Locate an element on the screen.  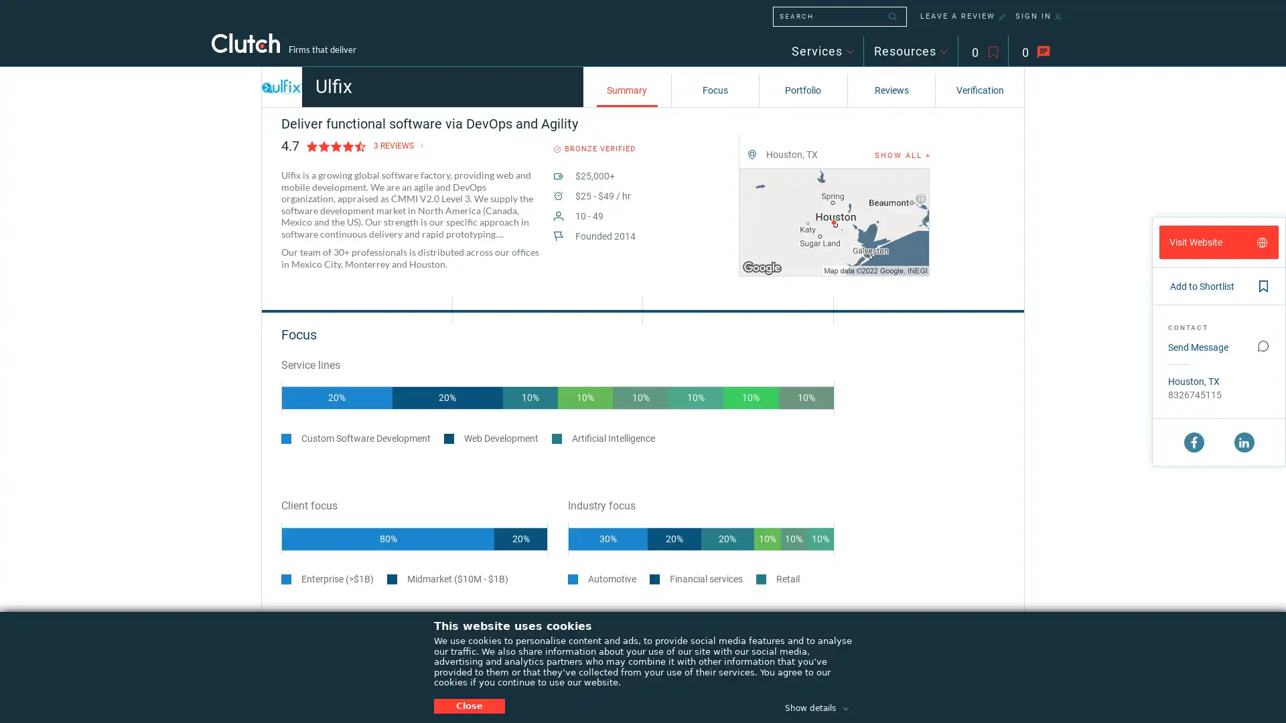
20% is located at coordinates (520, 538).